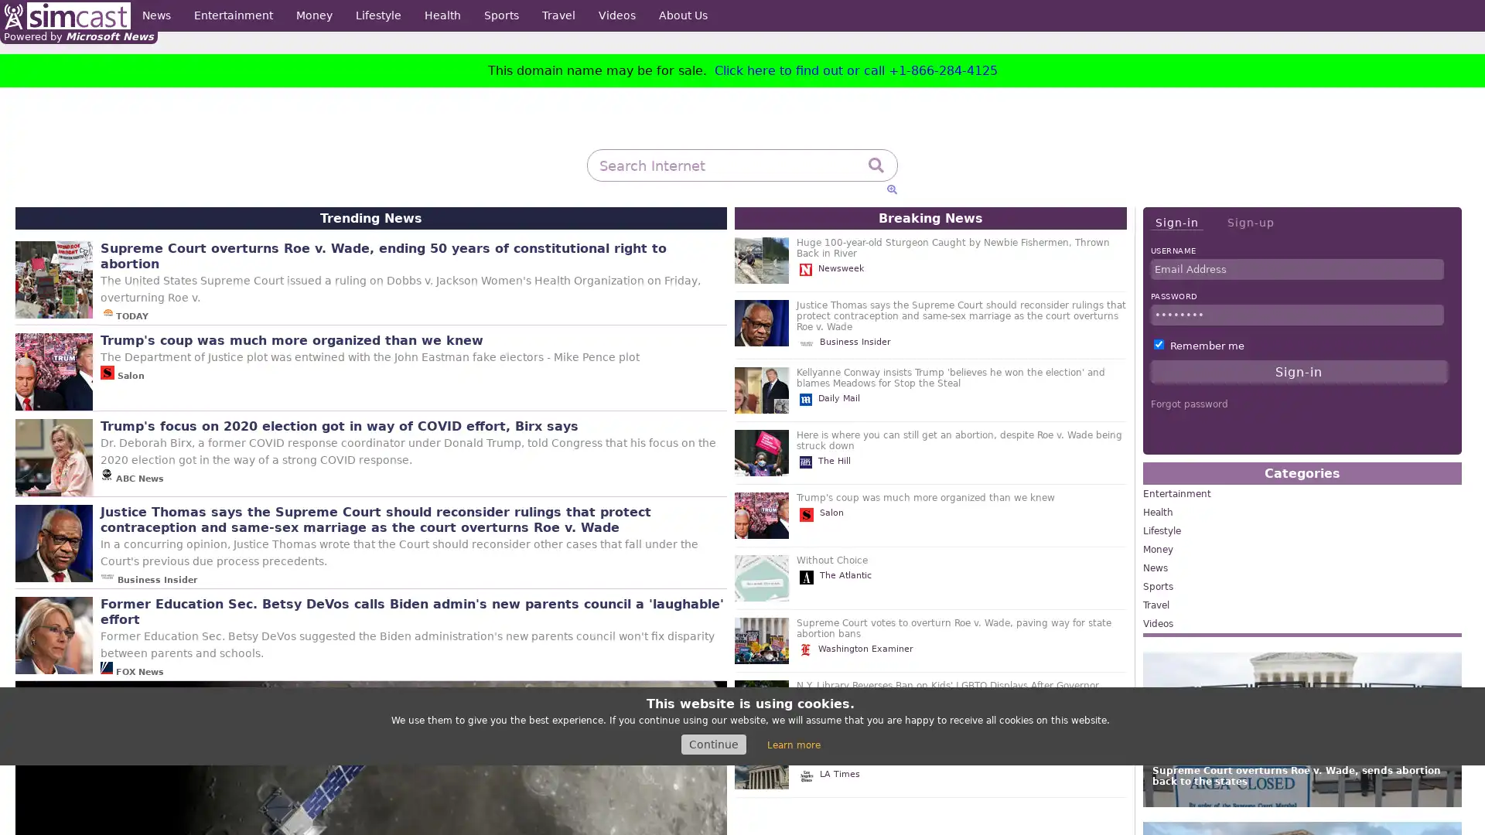 Image resolution: width=1485 pixels, height=835 pixels. Describe the element at coordinates (712, 744) in the screenshot. I see `Continue` at that location.